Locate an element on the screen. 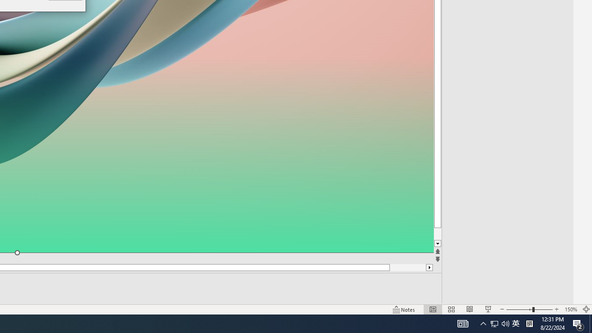  'Q2790: 100%' is located at coordinates (494, 323).